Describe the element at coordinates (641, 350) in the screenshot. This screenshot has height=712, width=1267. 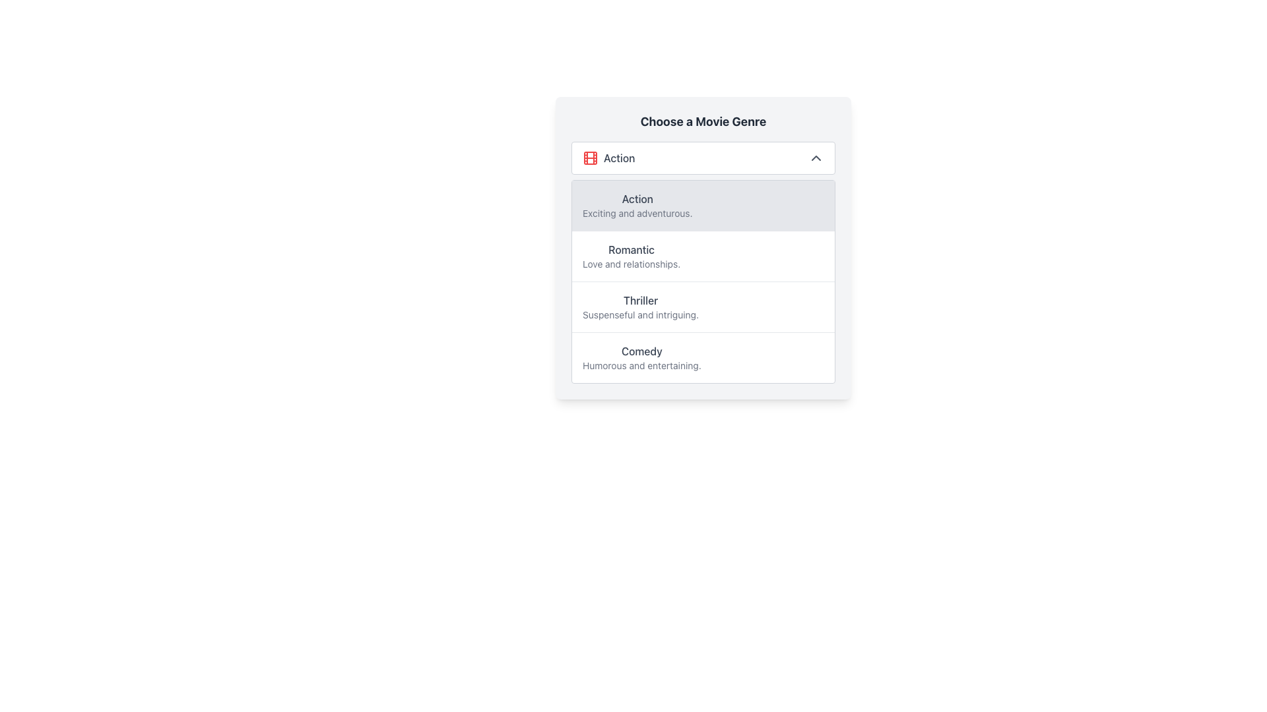
I see `the 'Comedy' genre label located at the bottom of the movie genre list, positioned directly above the sub-text describing it` at that location.